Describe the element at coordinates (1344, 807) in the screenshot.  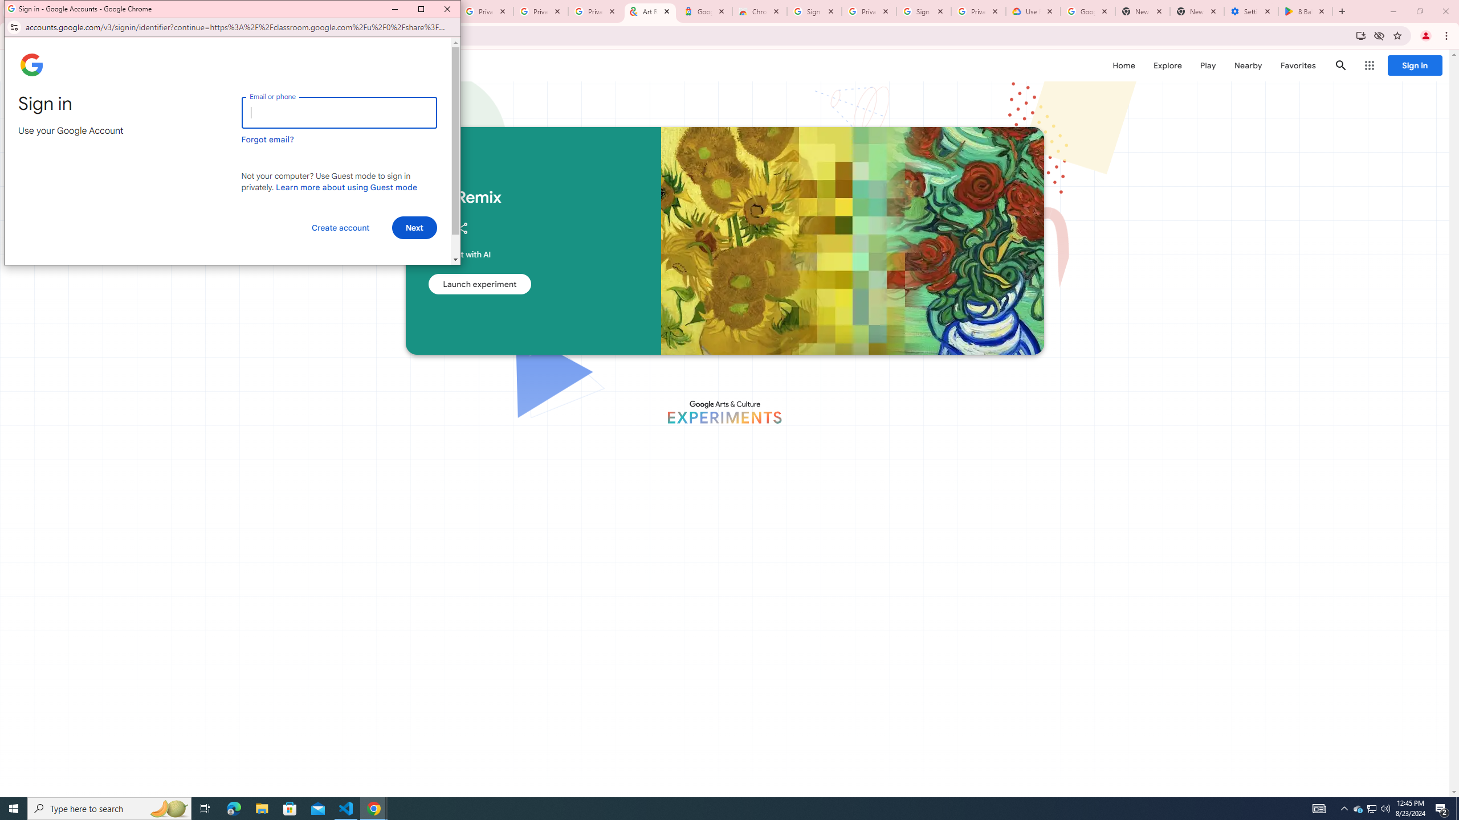
I see `'Notification Chevron'` at that location.